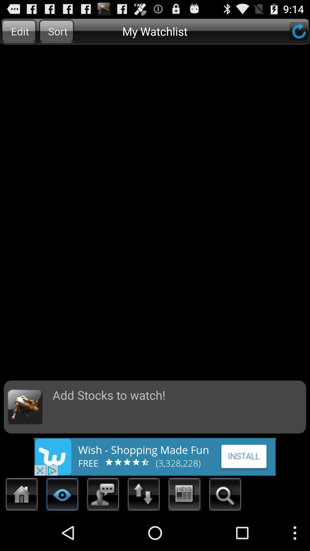 The image size is (310, 551). I want to click on the search icon, so click(225, 530).